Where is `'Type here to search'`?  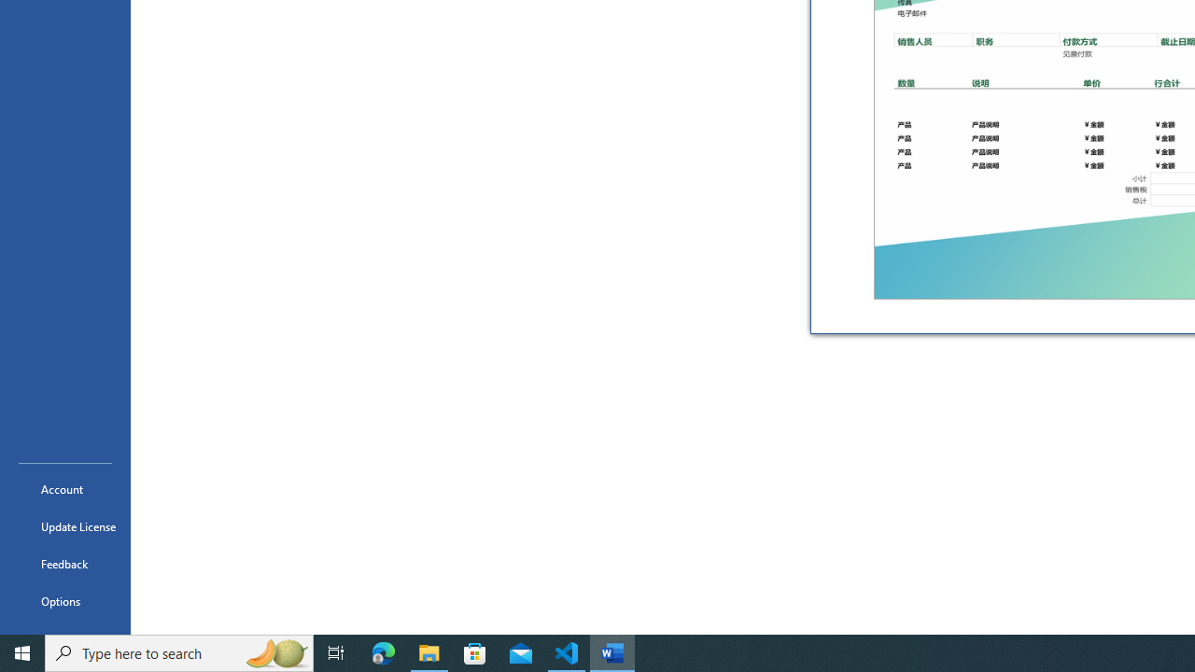 'Type here to search' is located at coordinates (179, 651).